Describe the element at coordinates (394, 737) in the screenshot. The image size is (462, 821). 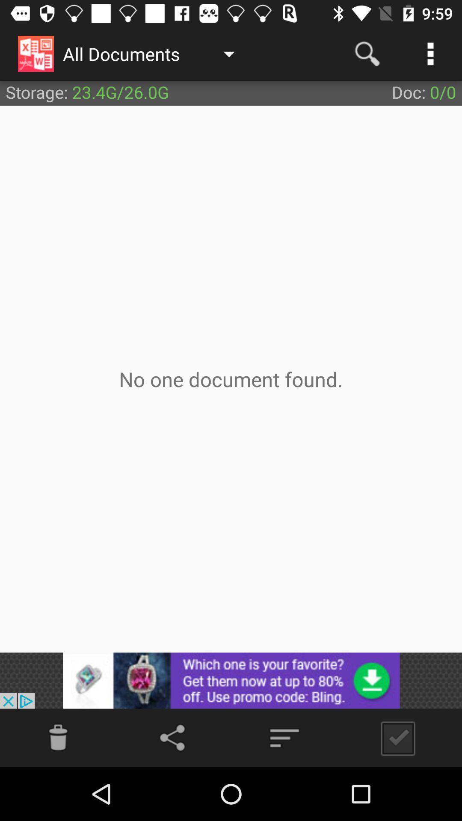
I see `all entries` at that location.